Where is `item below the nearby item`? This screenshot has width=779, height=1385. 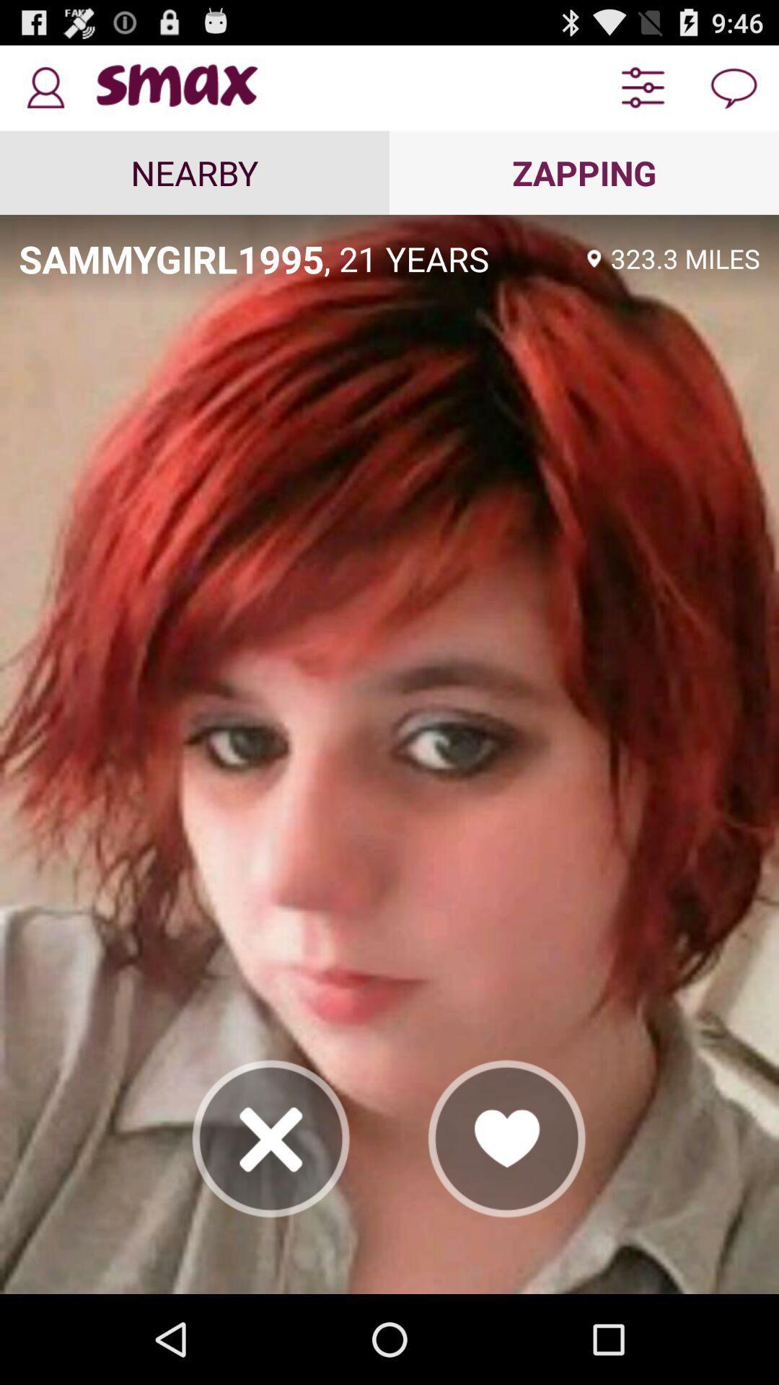
item below the nearby item is located at coordinates (170, 258).